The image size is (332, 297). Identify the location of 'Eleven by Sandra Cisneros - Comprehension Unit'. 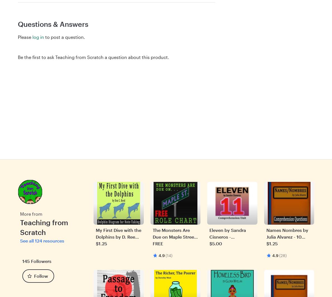
(231, 236).